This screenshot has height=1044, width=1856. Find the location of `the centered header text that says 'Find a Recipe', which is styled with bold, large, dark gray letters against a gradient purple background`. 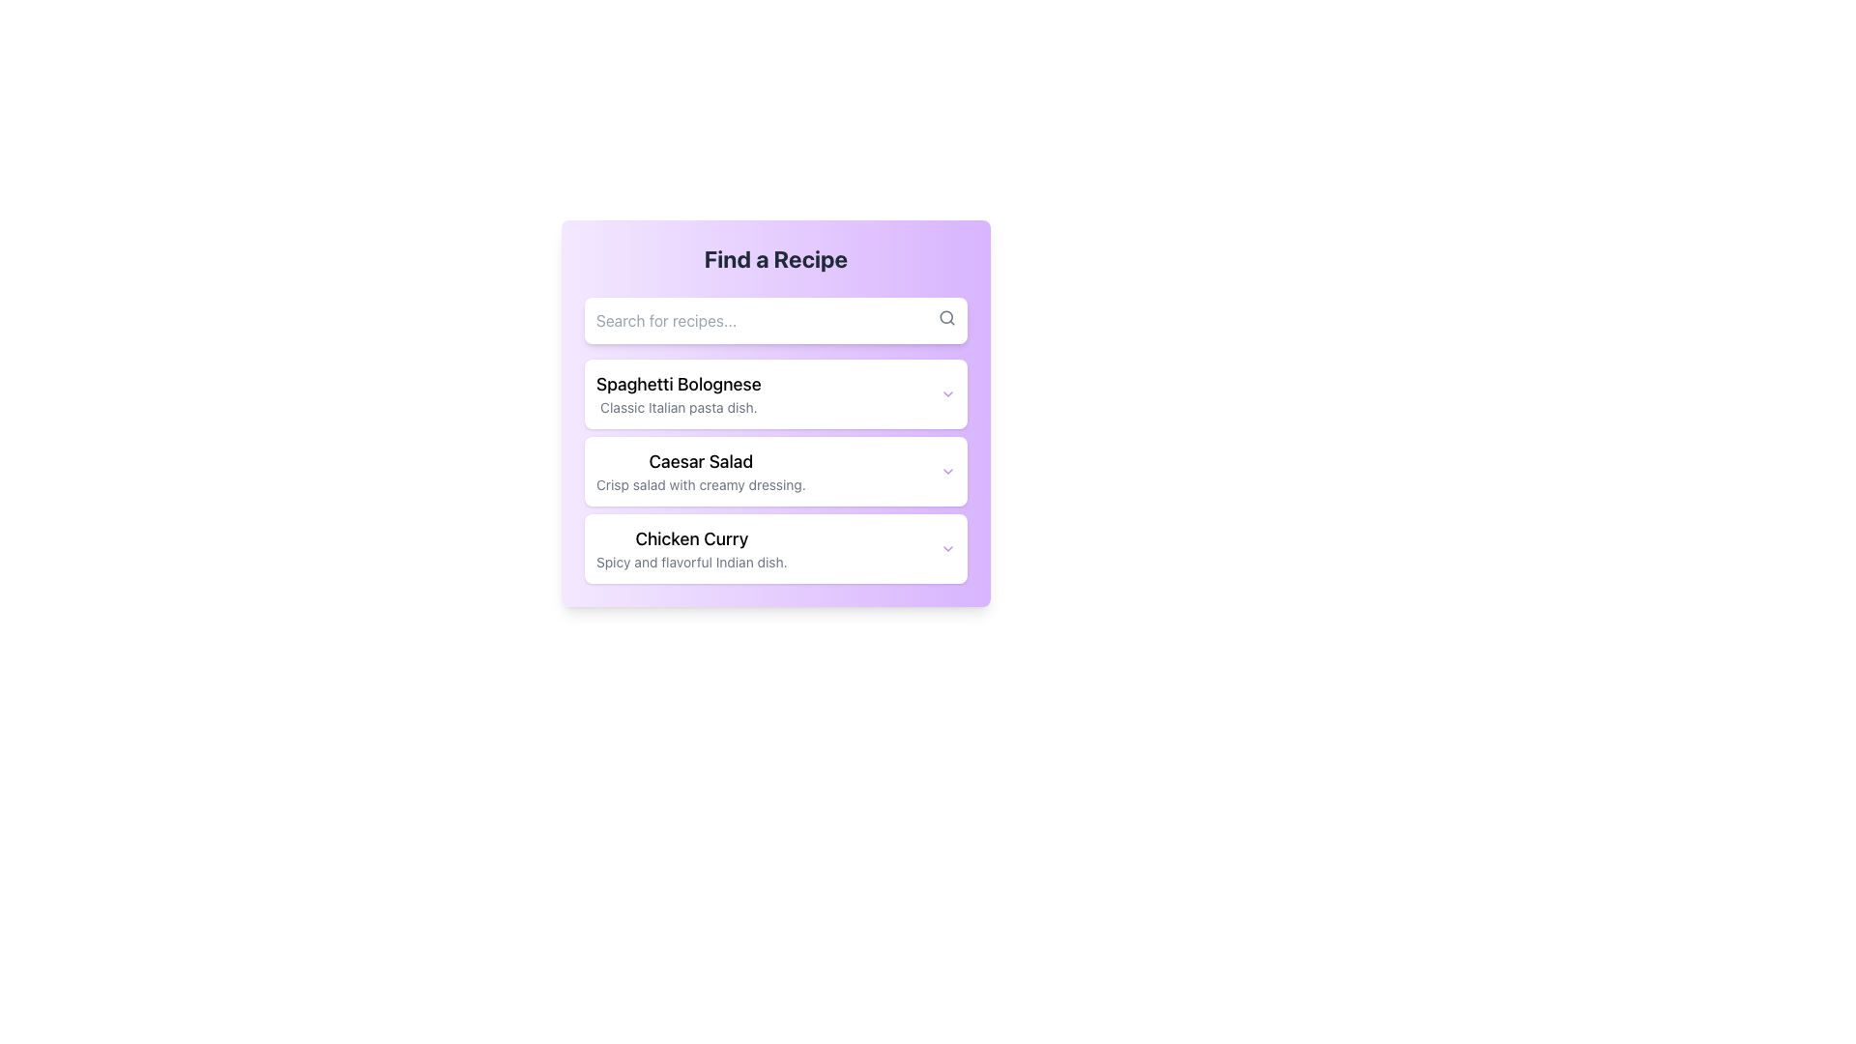

the centered header text that says 'Find a Recipe', which is styled with bold, large, dark gray letters against a gradient purple background is located at coordinates (775, 257).